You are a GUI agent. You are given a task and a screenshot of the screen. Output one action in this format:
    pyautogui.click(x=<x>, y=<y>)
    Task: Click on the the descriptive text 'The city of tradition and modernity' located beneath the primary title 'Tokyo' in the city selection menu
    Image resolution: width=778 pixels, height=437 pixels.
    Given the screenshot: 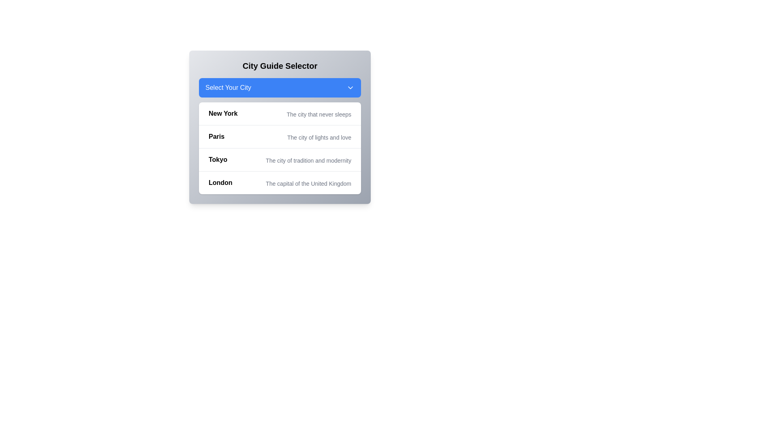 What is the action you would take?
    pyautogui.click(x=308, y=161)
    